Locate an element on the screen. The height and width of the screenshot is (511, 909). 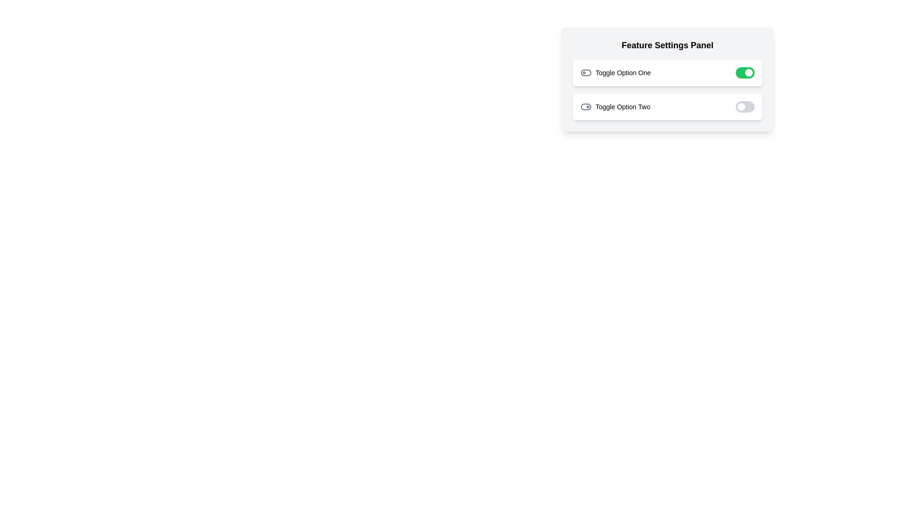
text of the Text label that indicates the specific feature or setting associated with the toggle control, positioned to the right of an icon and toggle control, as the second toggle option in a vertically aligned list within the feature settings panel is located at coordinates (623, 106).